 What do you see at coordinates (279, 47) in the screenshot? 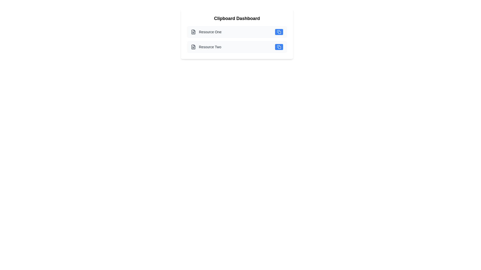
I see `the small rounded rectangle graphical icon component with a blue fill, located near the right side of the row labeled 'Resource Two', which represents clipboard functionality` at bounding box center [279, 47].